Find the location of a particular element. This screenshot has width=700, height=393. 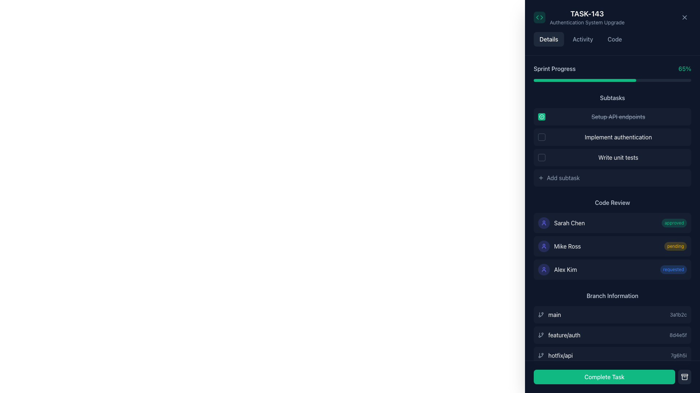

the first subtask entry with a green check mark and strikethrough text labeled 'Setup API endpoints' is located at coordinates (612, 116).